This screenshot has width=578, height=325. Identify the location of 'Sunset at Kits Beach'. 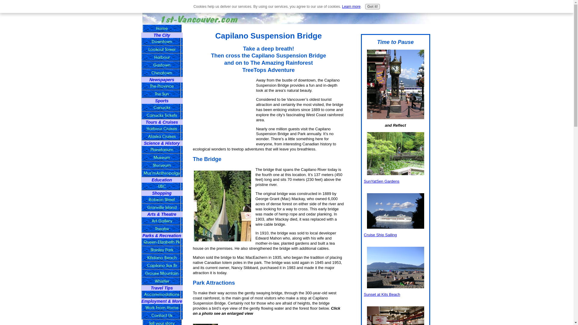
(381, 294).